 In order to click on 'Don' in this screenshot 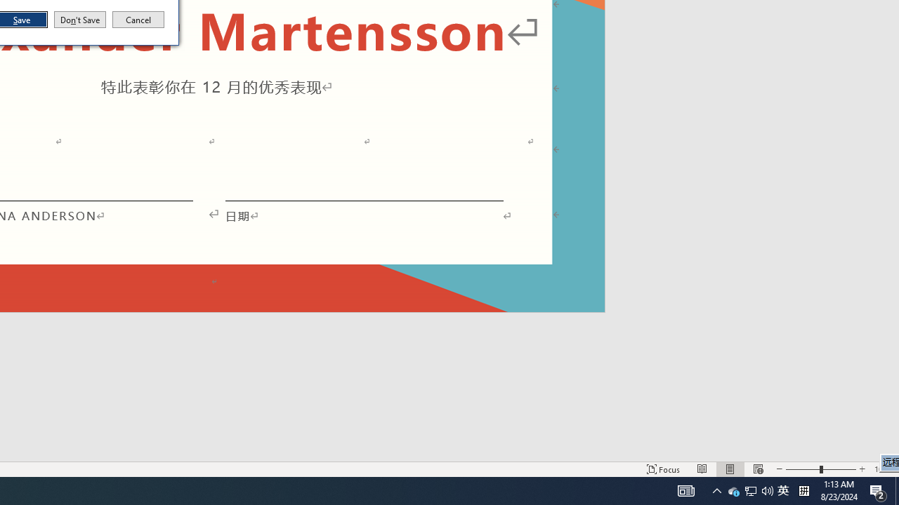, I will do `click(79, 20)`.